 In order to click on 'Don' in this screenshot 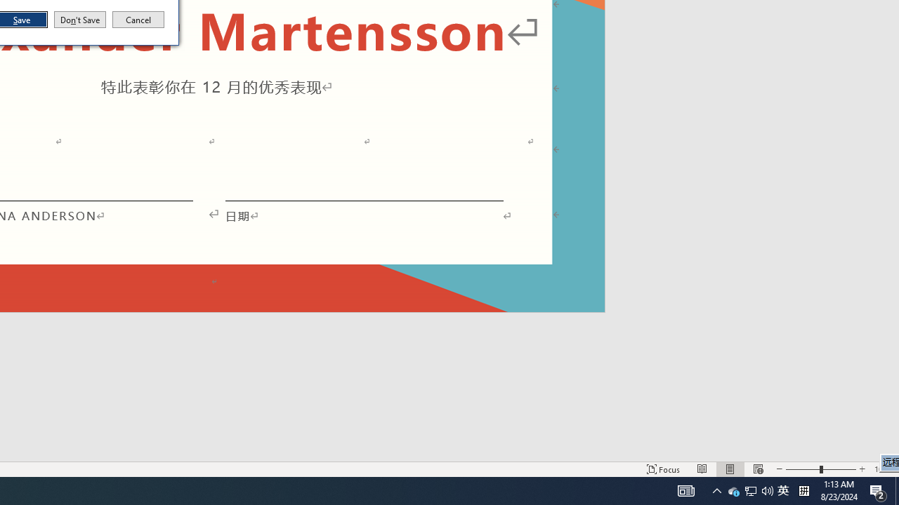, I will do `click(79, 20)`.